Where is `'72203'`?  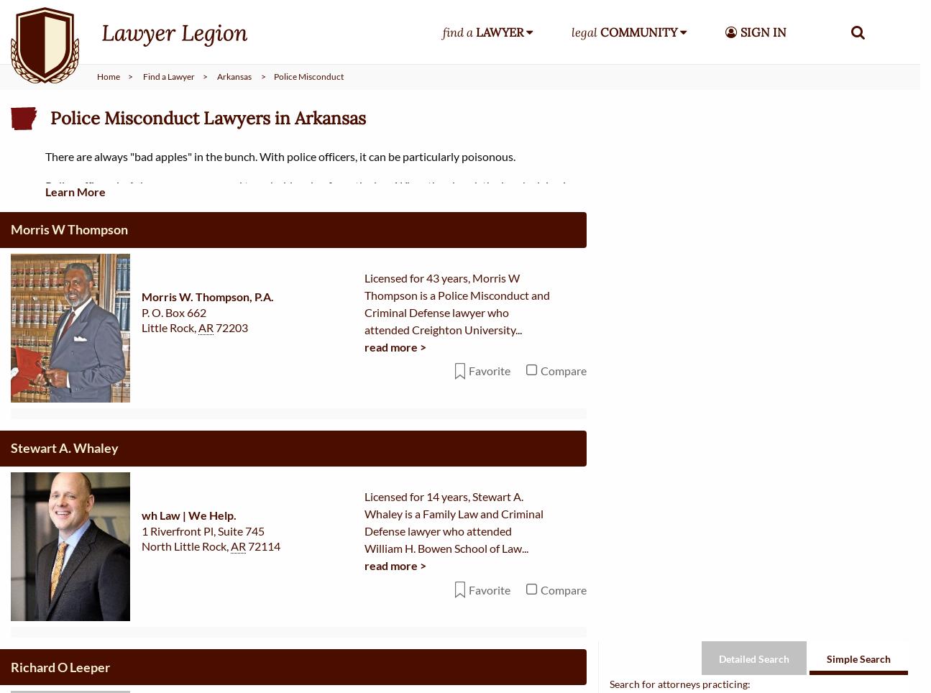 '72203' is located at coordinates (231, 131).